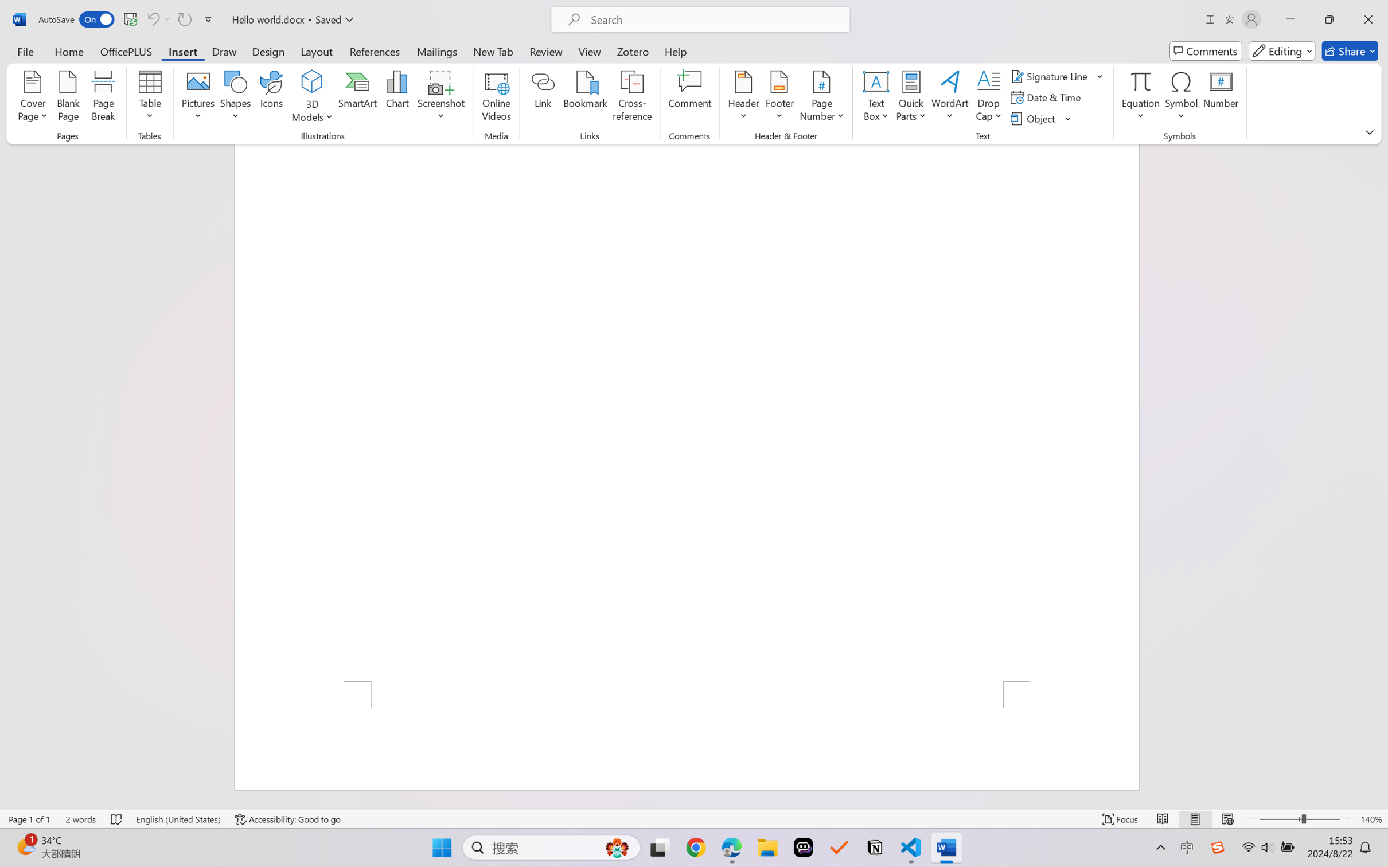 This screenshot has width=1388, height=867. Describe the element at coordinates (182, 50) in the screenshot. I see `'Insert'` at that location.